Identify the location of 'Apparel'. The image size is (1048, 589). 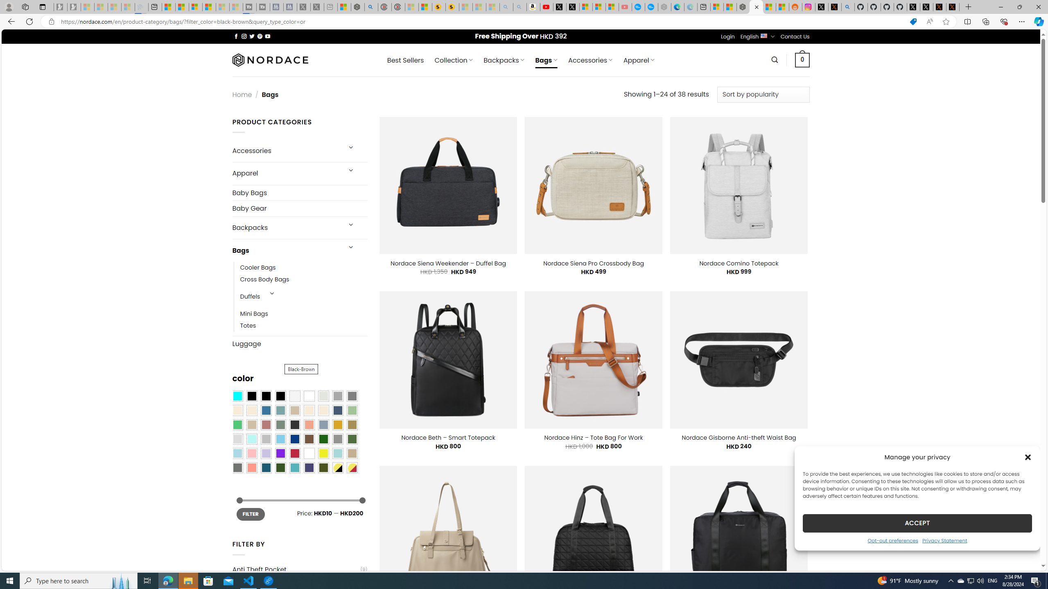
(285, 173).